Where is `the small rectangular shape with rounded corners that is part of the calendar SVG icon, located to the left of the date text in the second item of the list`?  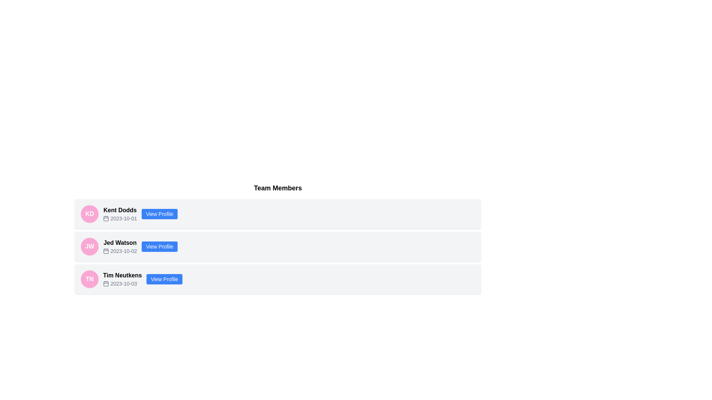 the small rectangular shape with rounded corners that is part of the calendar SVG icon, located to the left of the date text in the second item of the list is located at coordinates (106, 251).